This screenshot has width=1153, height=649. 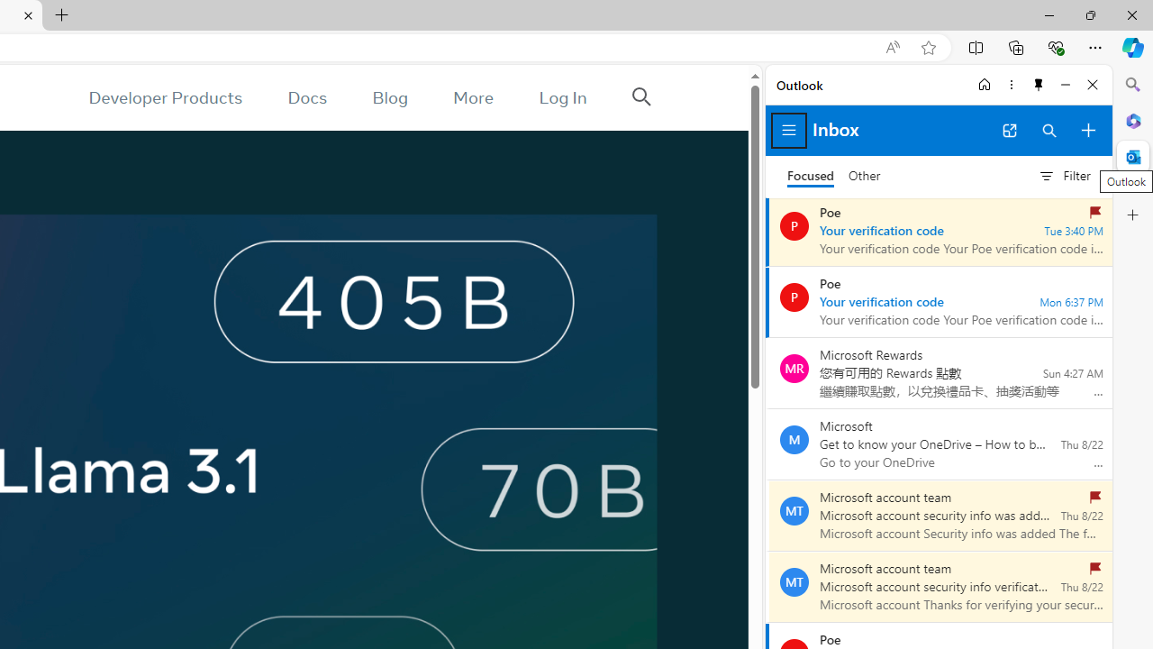 What do you see at coordinates (1039, 84) in the screenshot?
I see `'Unpin side pane'` at bounding box center [1039, 84].